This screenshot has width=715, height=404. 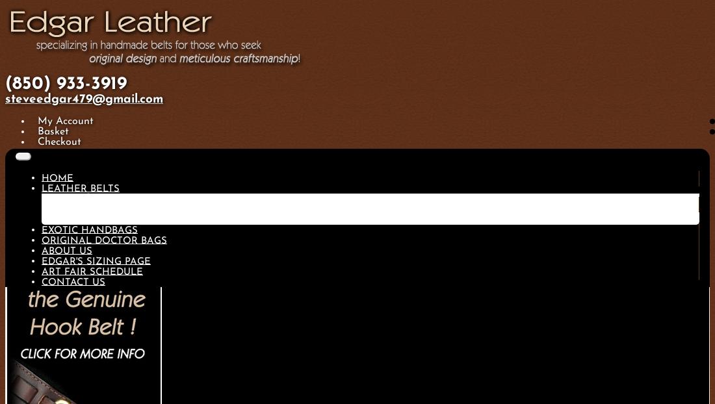 I want to click on 'My Account', so click(x=64, y=121).